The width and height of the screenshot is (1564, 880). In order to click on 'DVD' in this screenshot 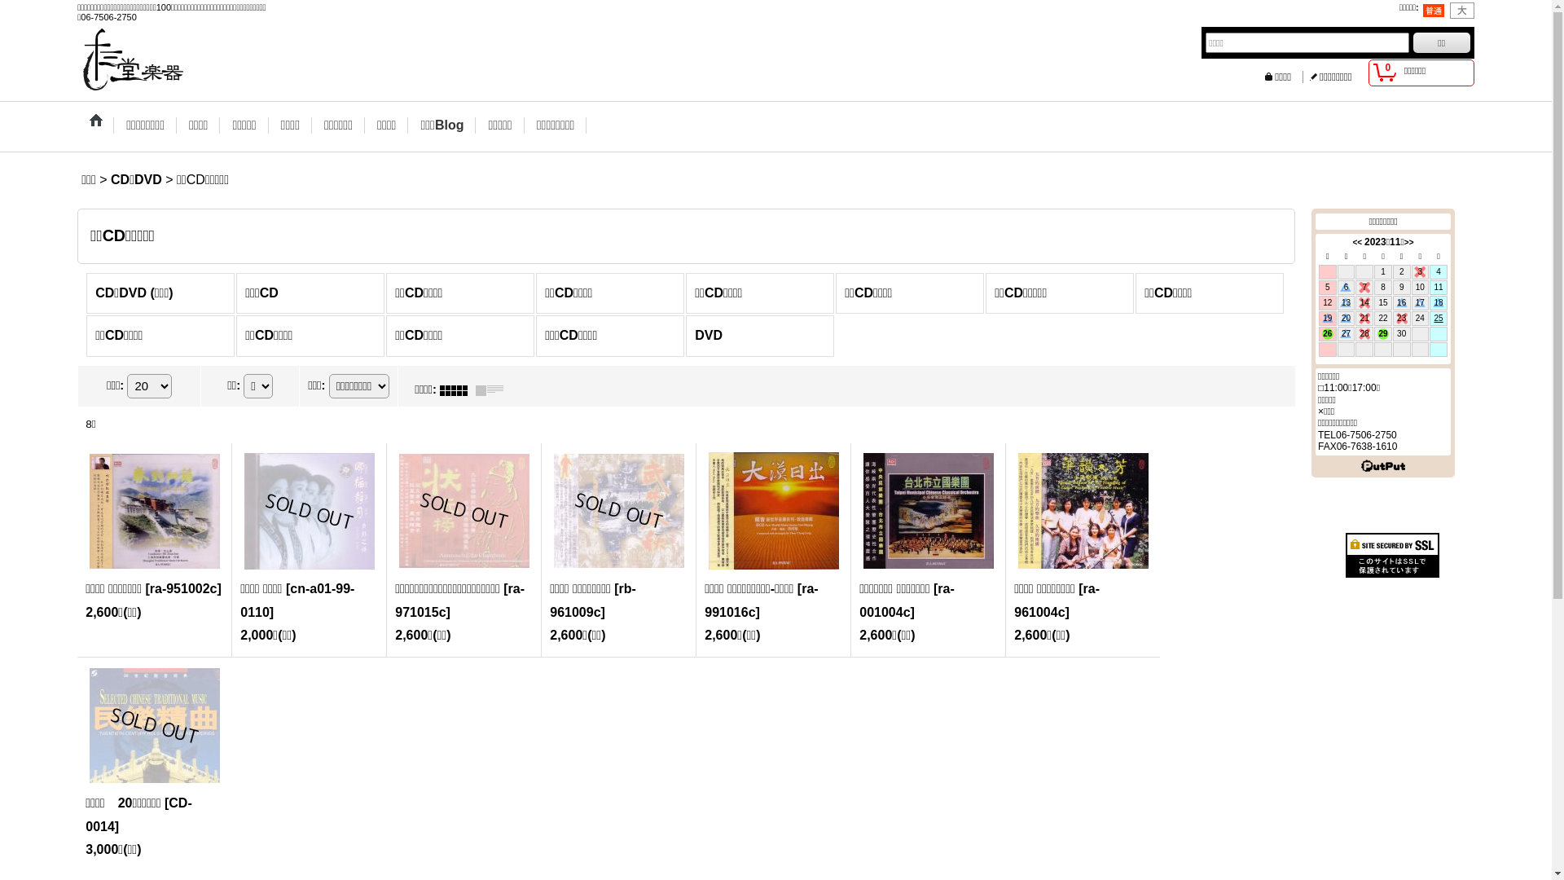, I will do `click(758, 335)`.